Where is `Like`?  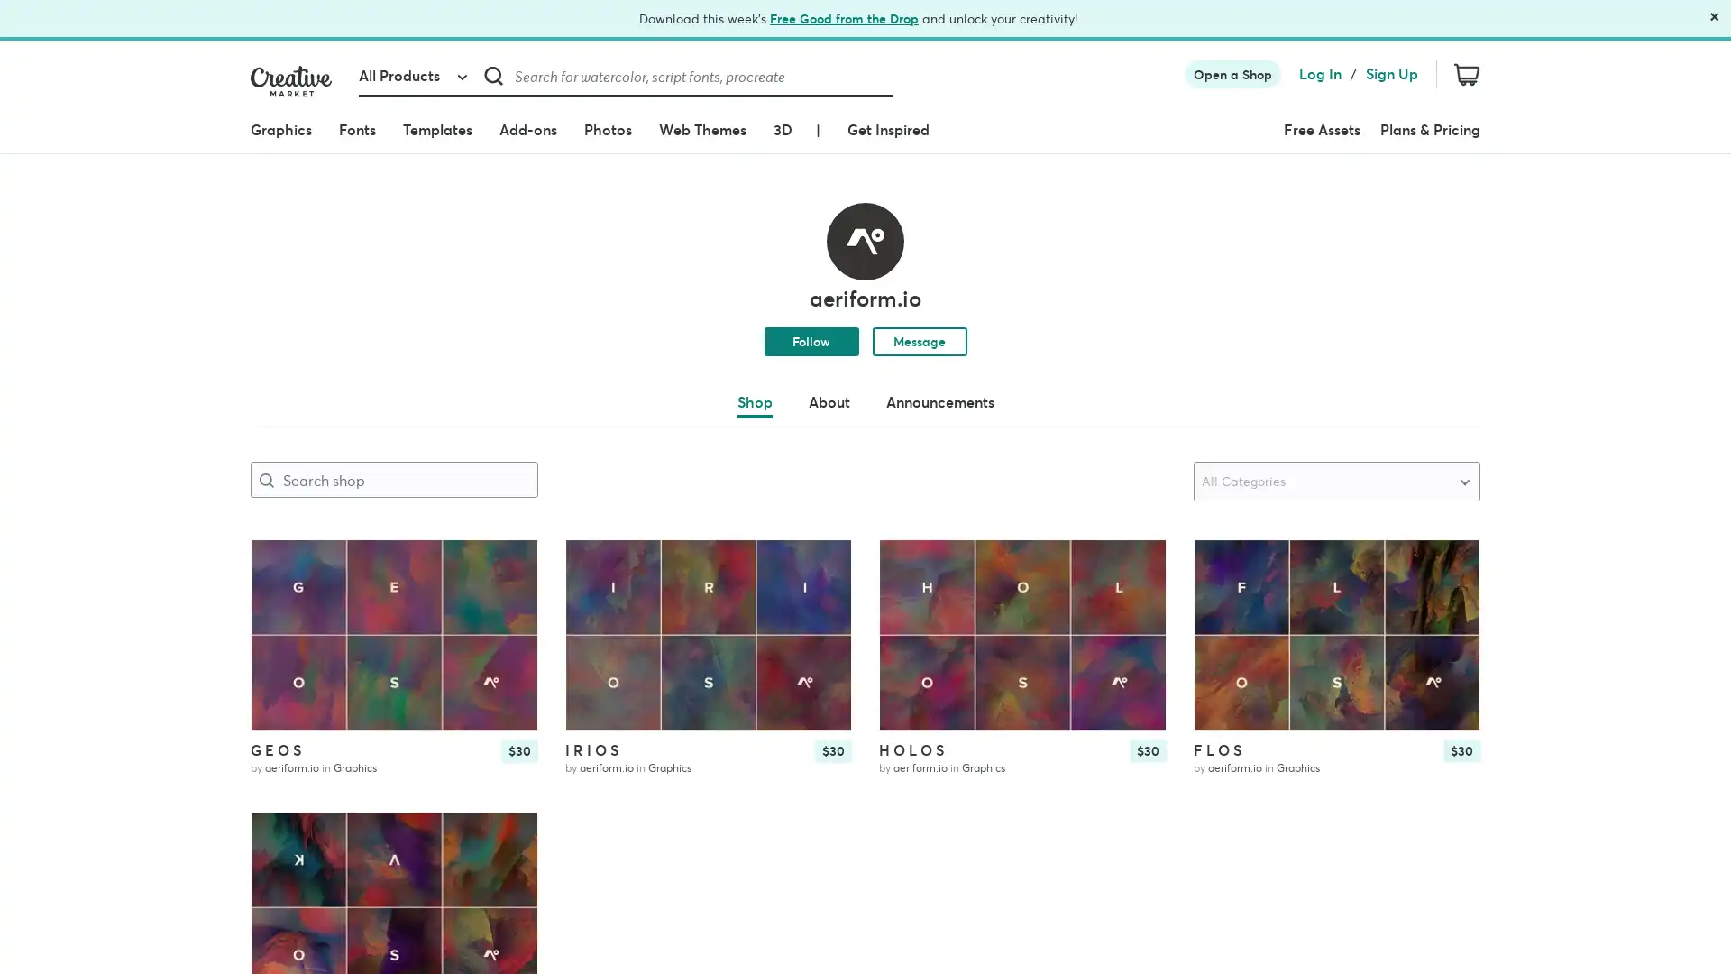 Like is located at coordinates (507, 839).